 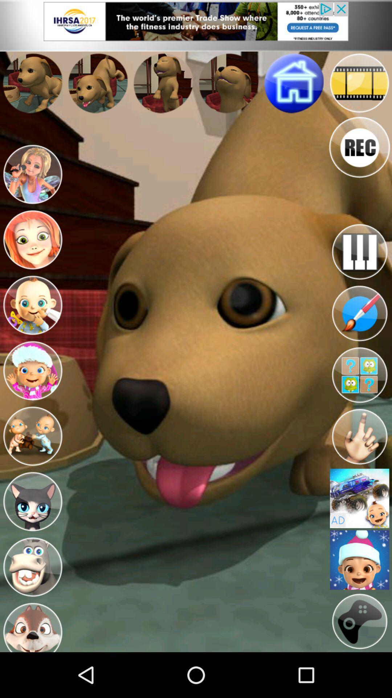 What do you see at coordinates (32, 670) in the screenshot?
I see `the avatar icon` at bounding box center [32, 670].